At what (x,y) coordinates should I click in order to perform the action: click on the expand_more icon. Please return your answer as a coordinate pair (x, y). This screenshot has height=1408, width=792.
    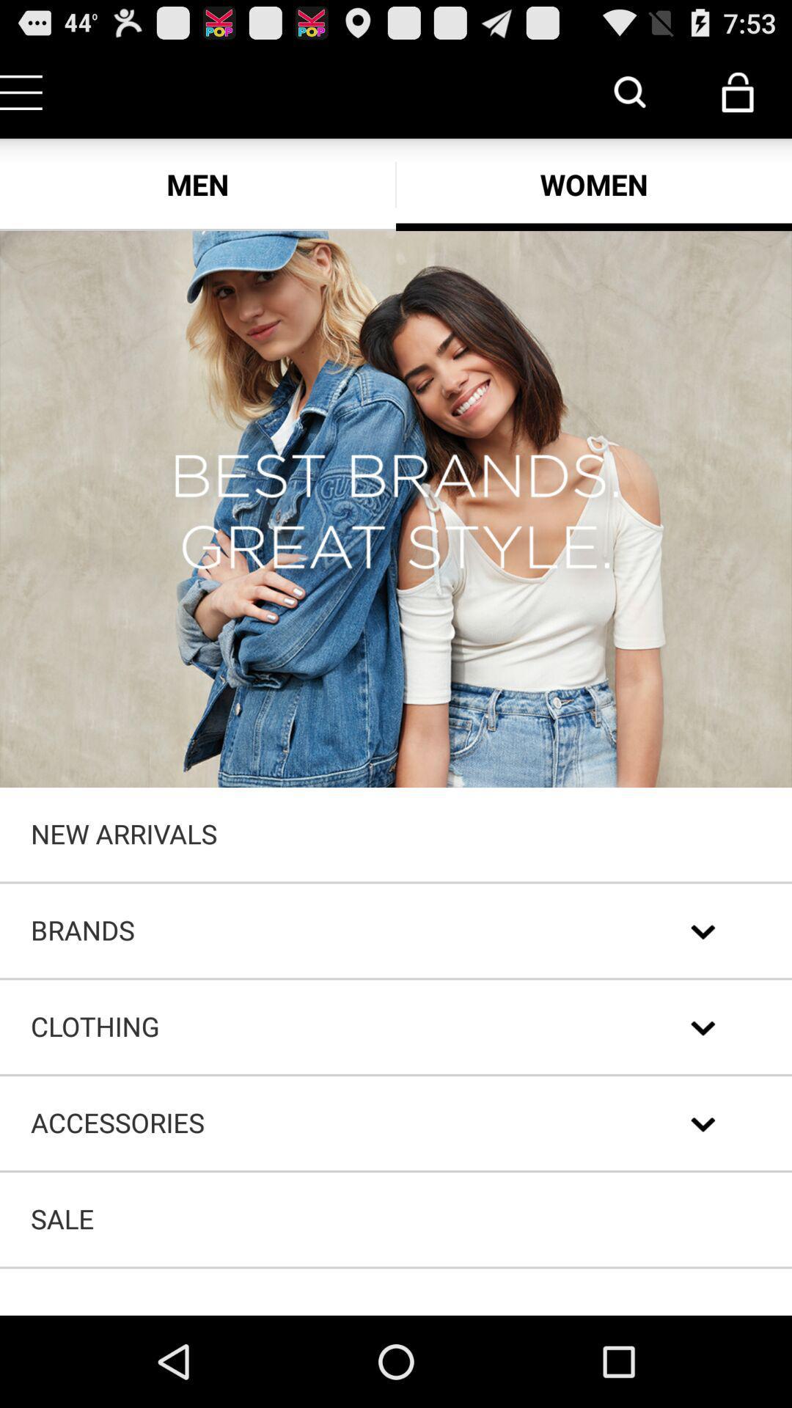
    Looking at the image, I should click on (703, 1203).